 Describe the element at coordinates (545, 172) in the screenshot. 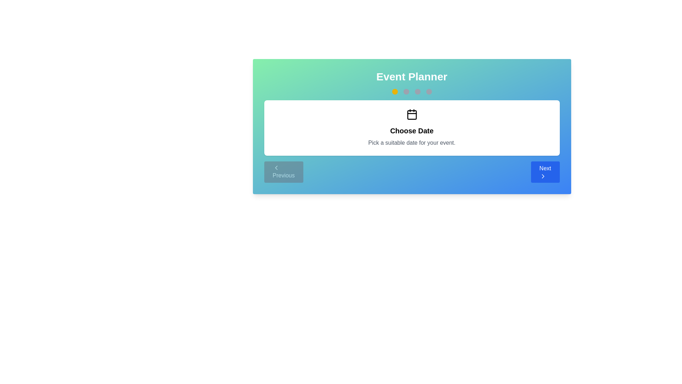

I see `the 'Next' button to proceed to the next step` at that location.